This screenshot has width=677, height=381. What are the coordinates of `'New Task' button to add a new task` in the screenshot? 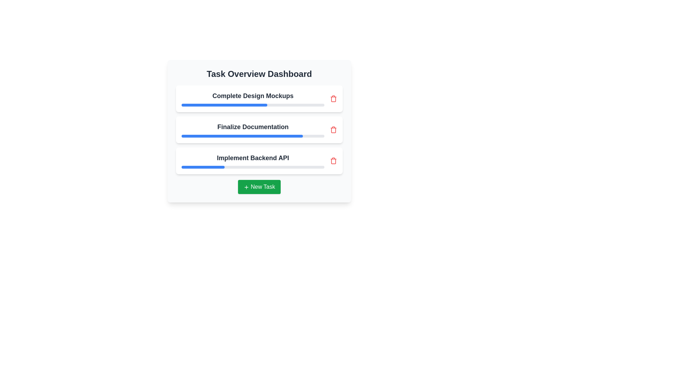 It's located at (259, 186).